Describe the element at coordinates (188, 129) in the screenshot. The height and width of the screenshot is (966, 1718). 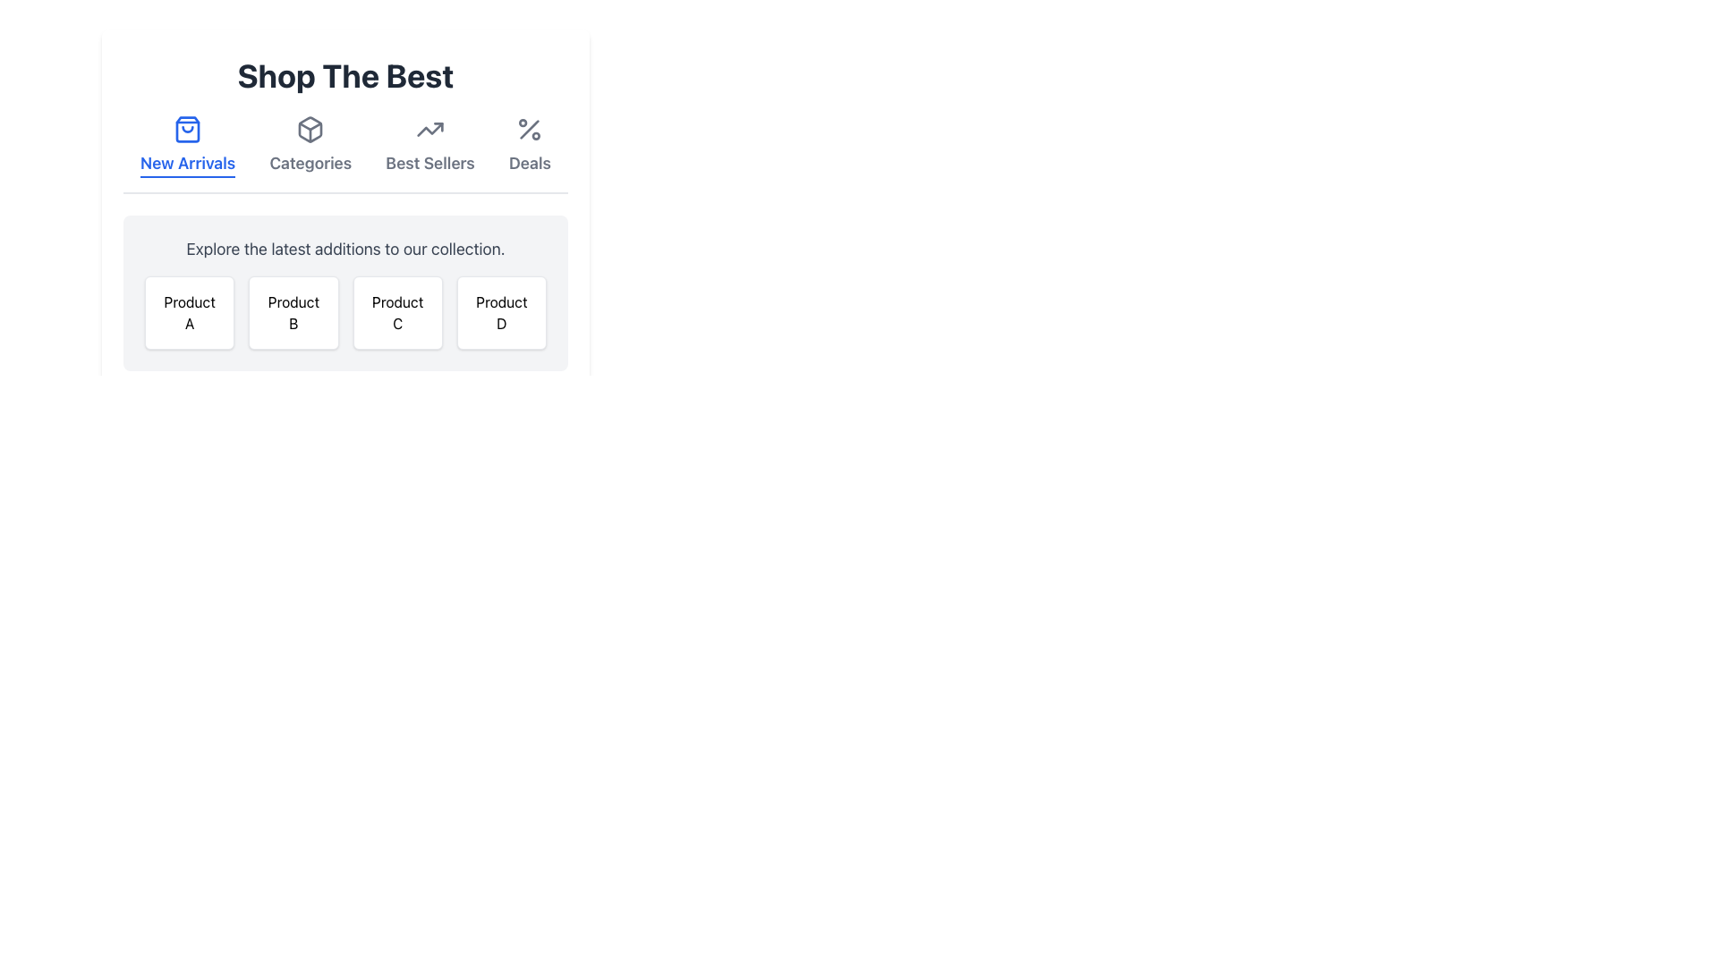
I see `the 'New Arrivals' icon located at the upper-left segment of the interface, positioned above the text 'New Arrivals'` at that location.